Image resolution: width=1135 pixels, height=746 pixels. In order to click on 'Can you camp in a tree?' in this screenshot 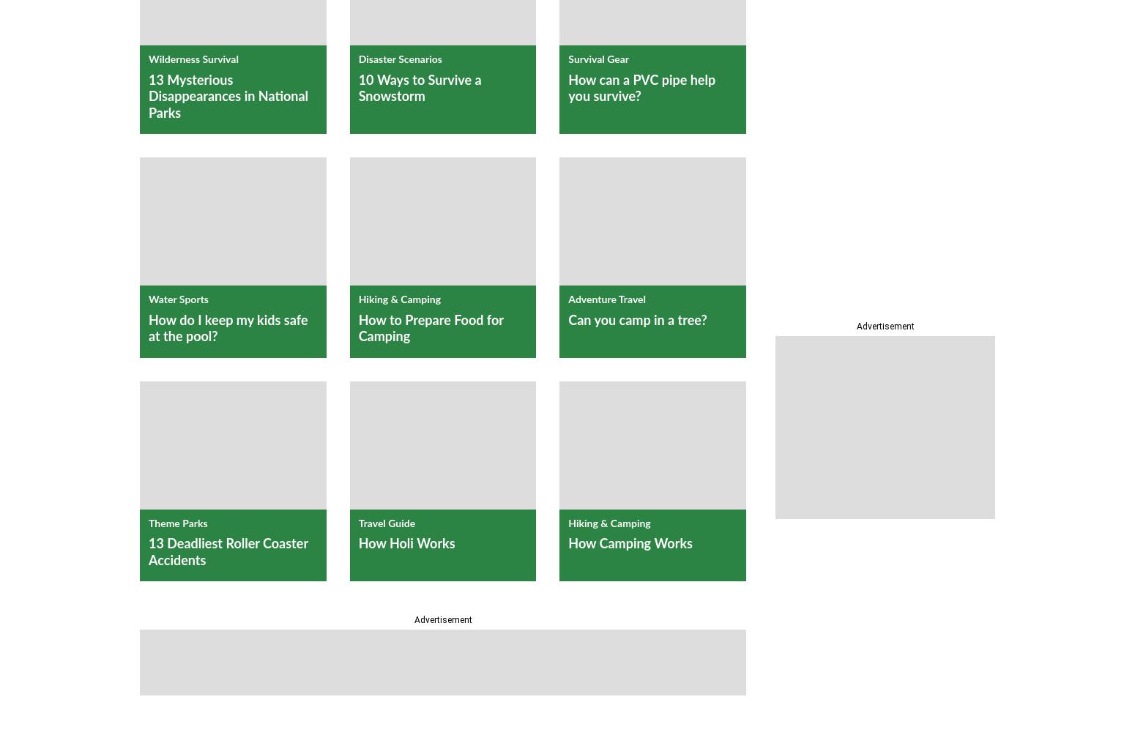, I will do `click(637, 320)`.